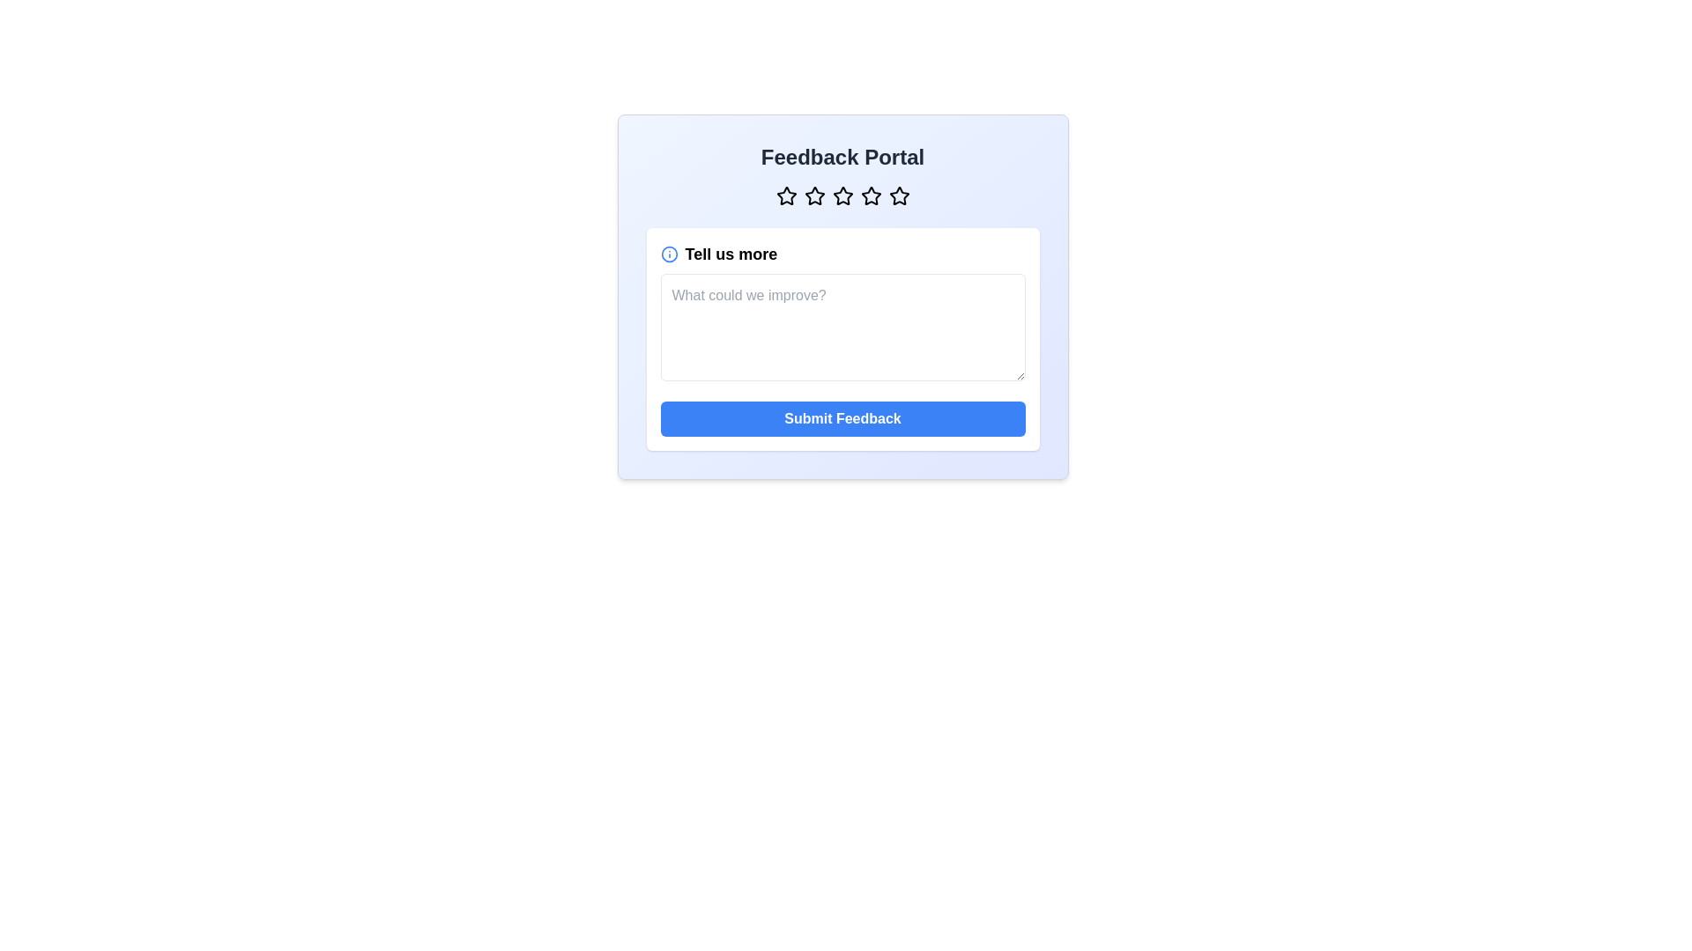 This screenshot has width=1692, height=951. Describe the element at coordinates (668, 254) in the screenshot. I see `the decorative circle within the SVG graphic, which is part of the icon indicating additional information related to the 'Tell us more' text input` at that location.